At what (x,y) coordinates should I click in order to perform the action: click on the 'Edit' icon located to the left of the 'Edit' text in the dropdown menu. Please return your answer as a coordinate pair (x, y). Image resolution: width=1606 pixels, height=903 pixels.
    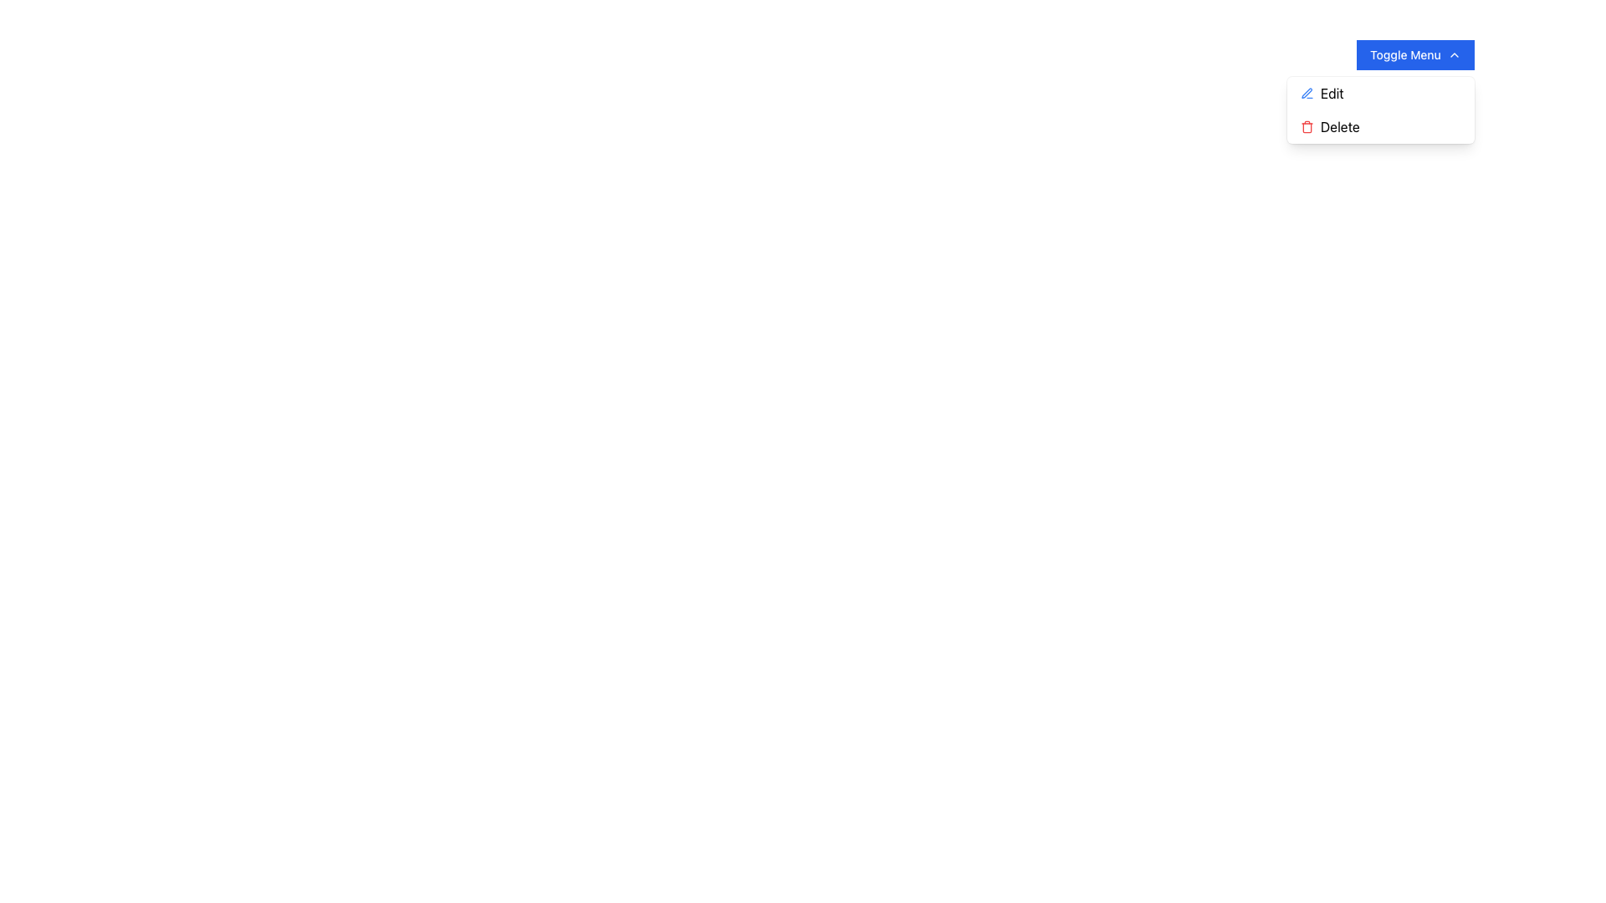
    Looking at the image, I should click on (1306, 93).